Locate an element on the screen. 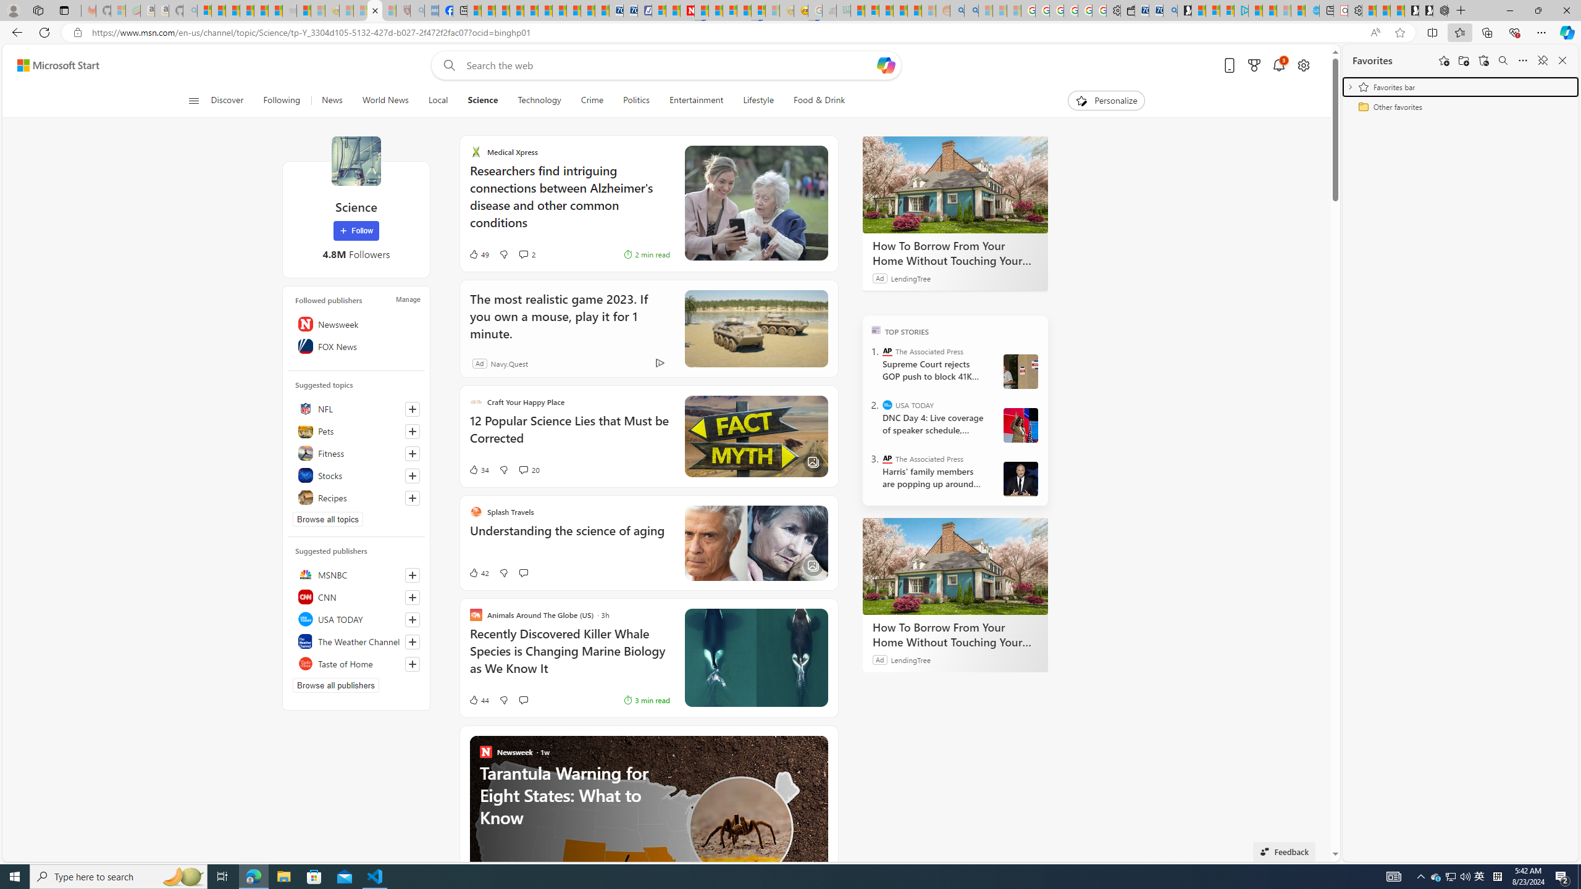  'Unpin favorites' is located at coordinates (1541, 59).